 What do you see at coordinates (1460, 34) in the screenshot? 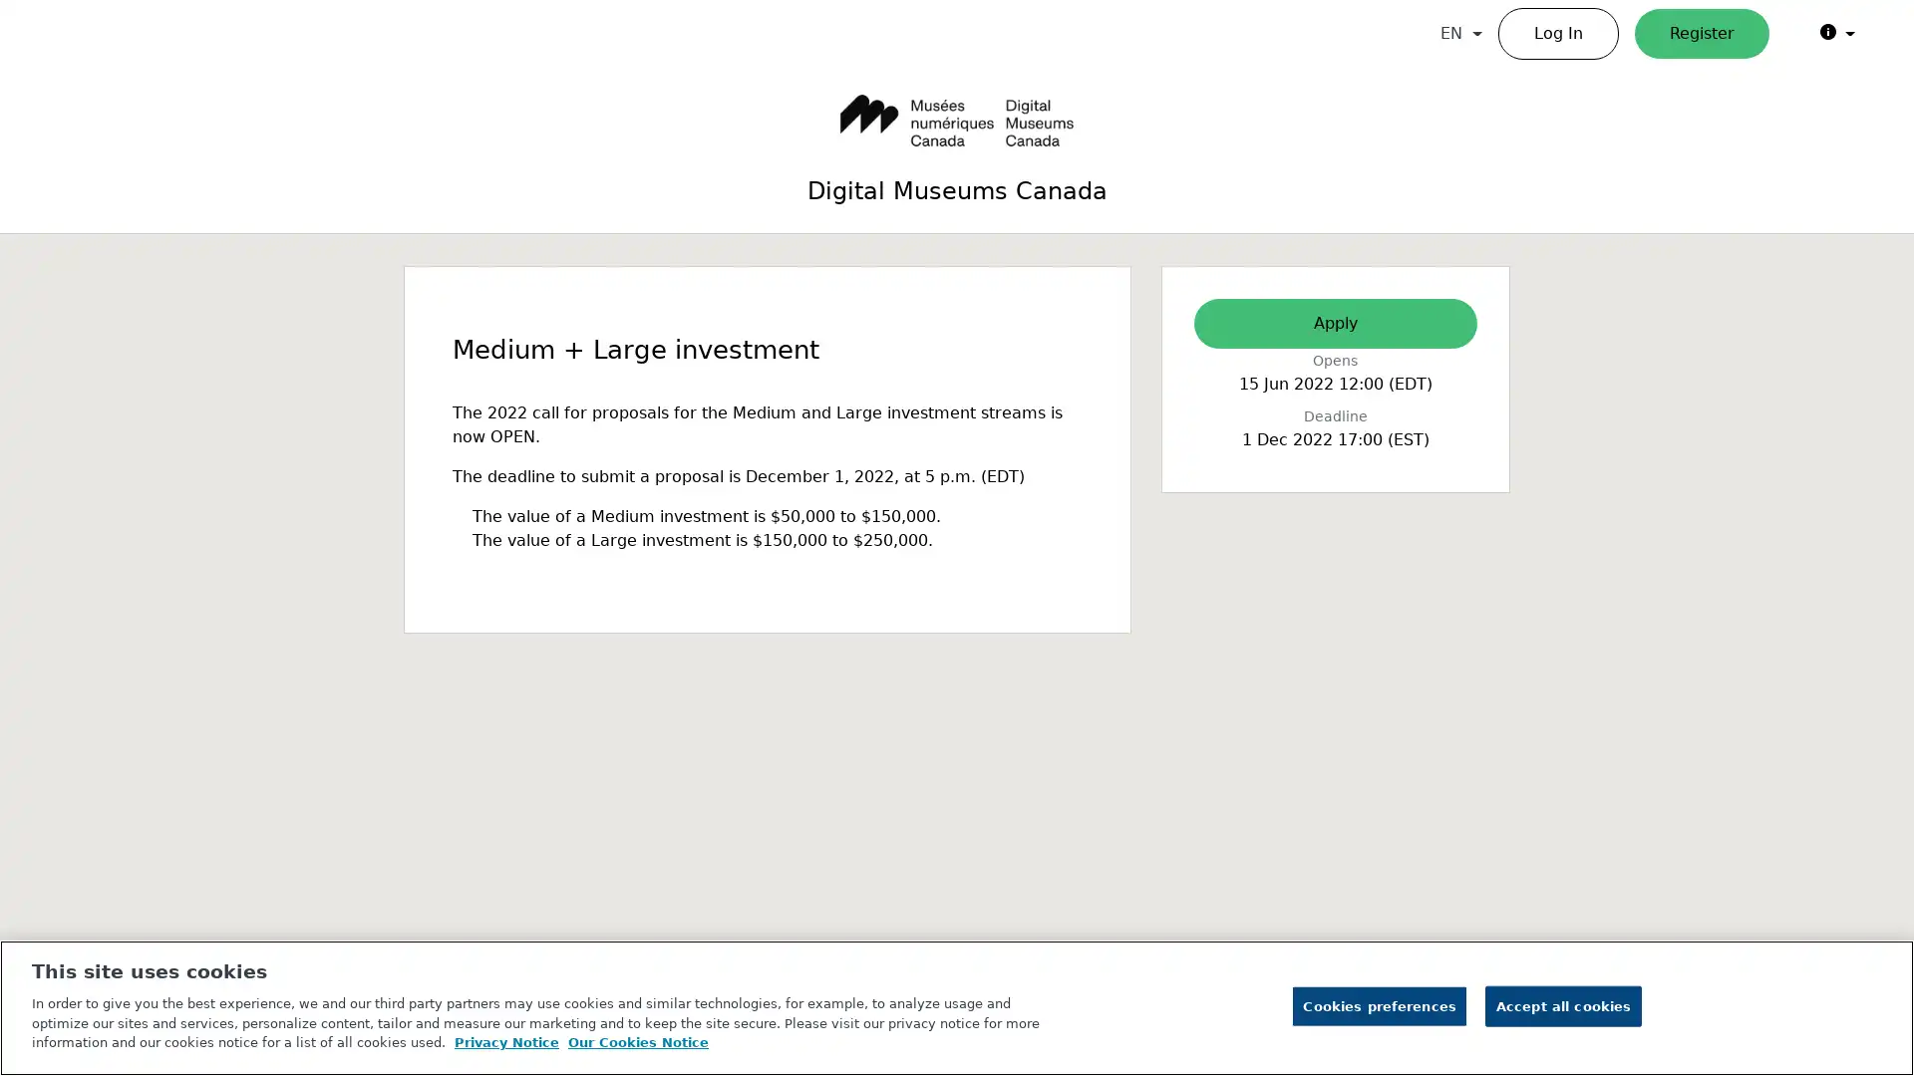
I see `EN` at bounding box center [1460, 34].